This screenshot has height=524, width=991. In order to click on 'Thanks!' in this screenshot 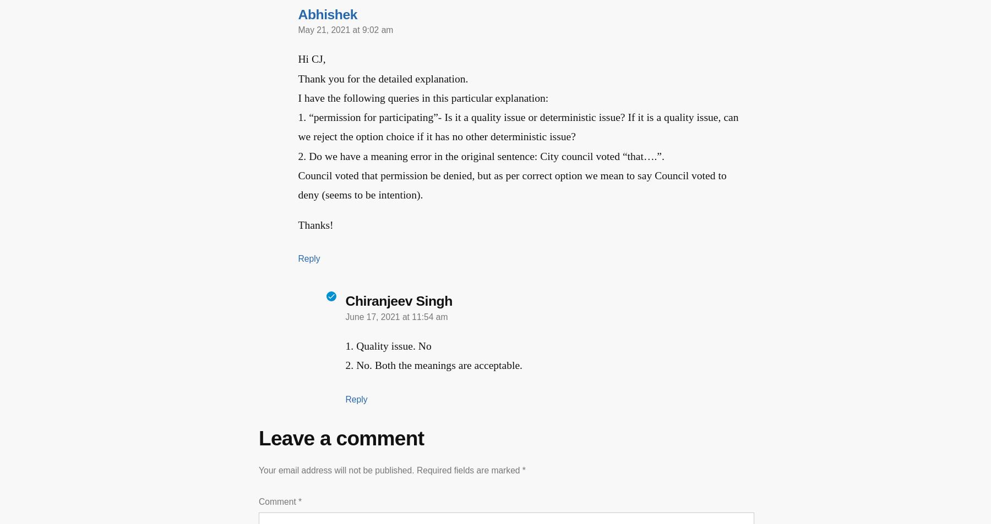, I will do `click(315, 223)`.